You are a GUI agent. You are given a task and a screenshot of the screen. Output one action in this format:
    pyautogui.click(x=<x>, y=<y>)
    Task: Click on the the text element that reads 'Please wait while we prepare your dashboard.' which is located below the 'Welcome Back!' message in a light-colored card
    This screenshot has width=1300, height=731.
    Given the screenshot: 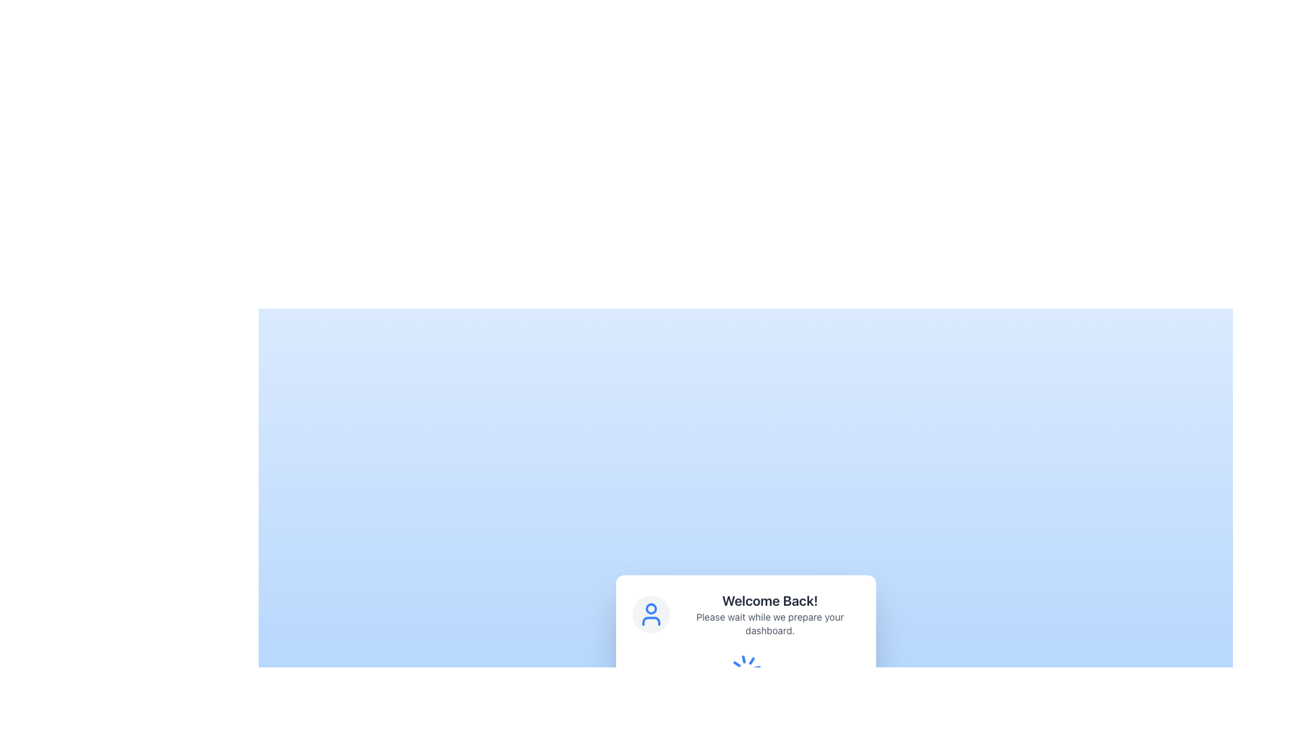 What is the action you would take?
    pyautogui.click(x=770, y=623)
    